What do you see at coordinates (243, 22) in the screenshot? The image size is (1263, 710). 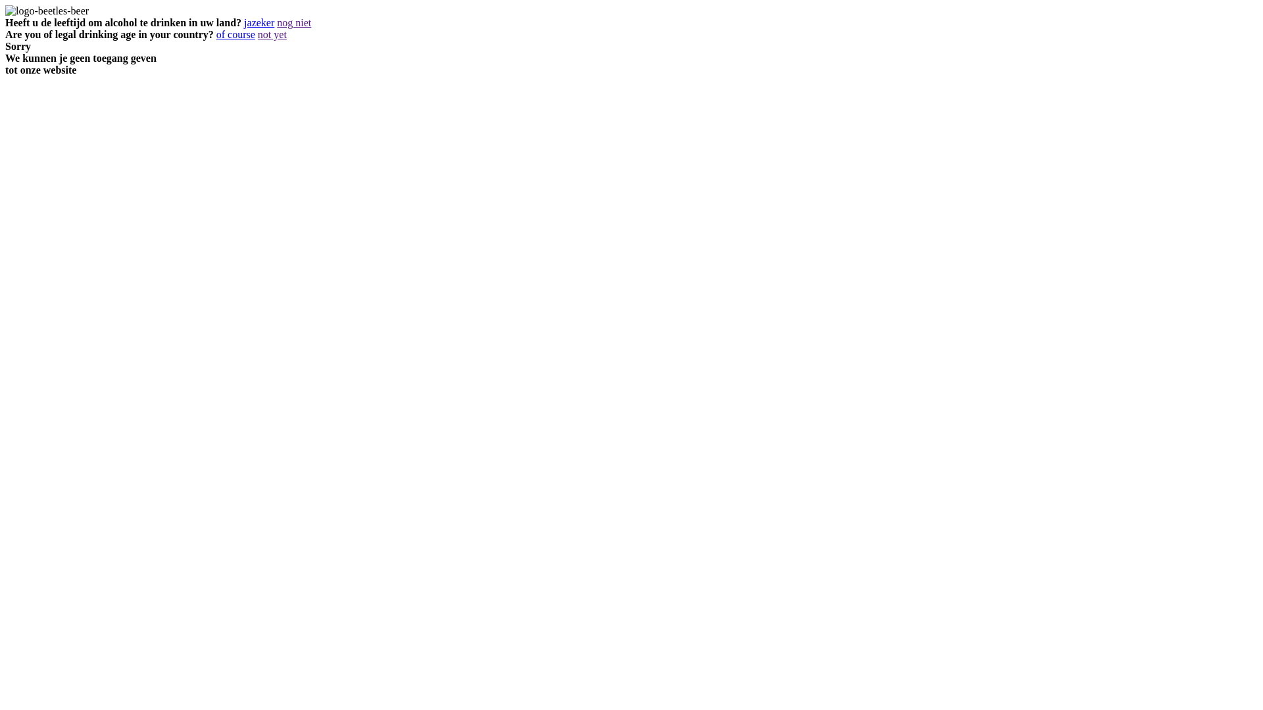 I see `'jazeker'` at bounding box center [243, 22].